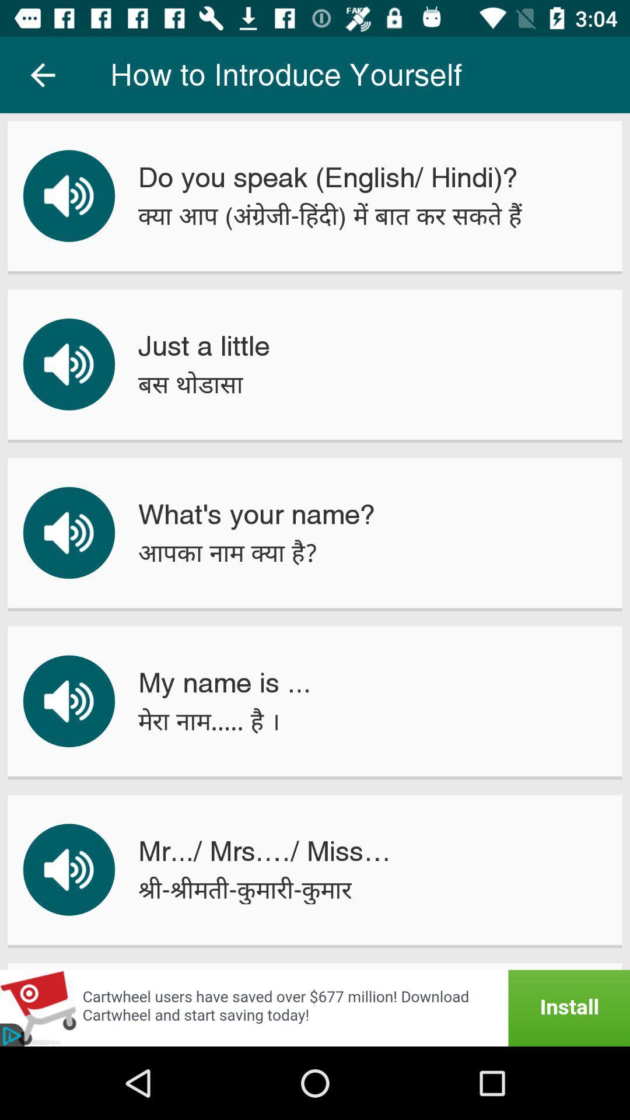  I want to click on the icon below the just a little item, so click(190, 384).